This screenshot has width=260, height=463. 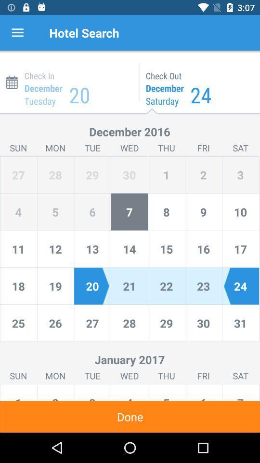 What do you see at coordinates (203, 212) in the screenshot?
I see `the number which is left to the number 10` at bounding box center [203, 212].